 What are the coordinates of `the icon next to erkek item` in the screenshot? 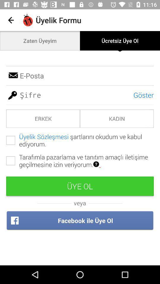 It's located at (117, 118).